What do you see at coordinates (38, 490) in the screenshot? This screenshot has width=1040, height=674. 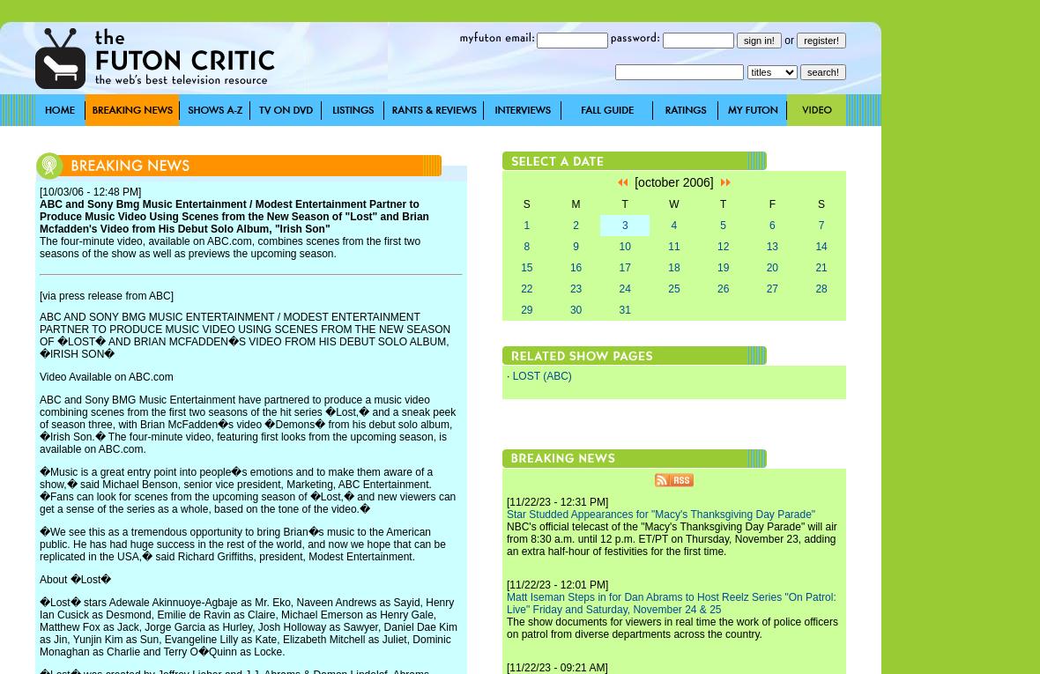 I see `'�Music is a great entry point into people�s emotions and to make them aware of a show,� said Michael Benson, senior vice president, Marketing, ABC Entertainment. �Fans can look for scenes from the upcoming season of �Lost,� and new viewers can get a sense of the series as a whole, based on the tone of the video.�'` at bounding box center [38, 490].